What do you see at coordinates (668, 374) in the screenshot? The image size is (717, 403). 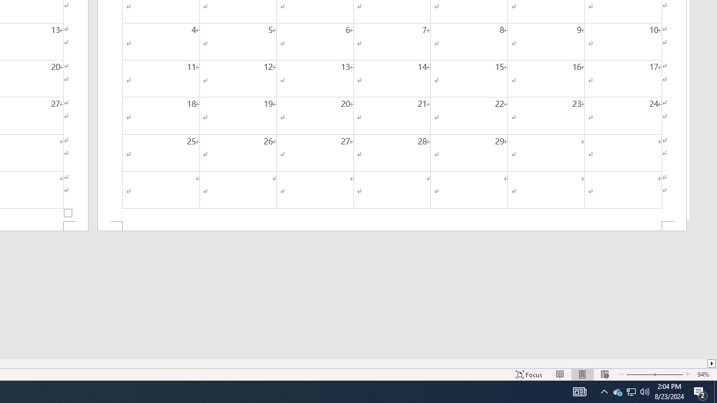 I see `'Zoom In'` at bounding box center [668, 374].